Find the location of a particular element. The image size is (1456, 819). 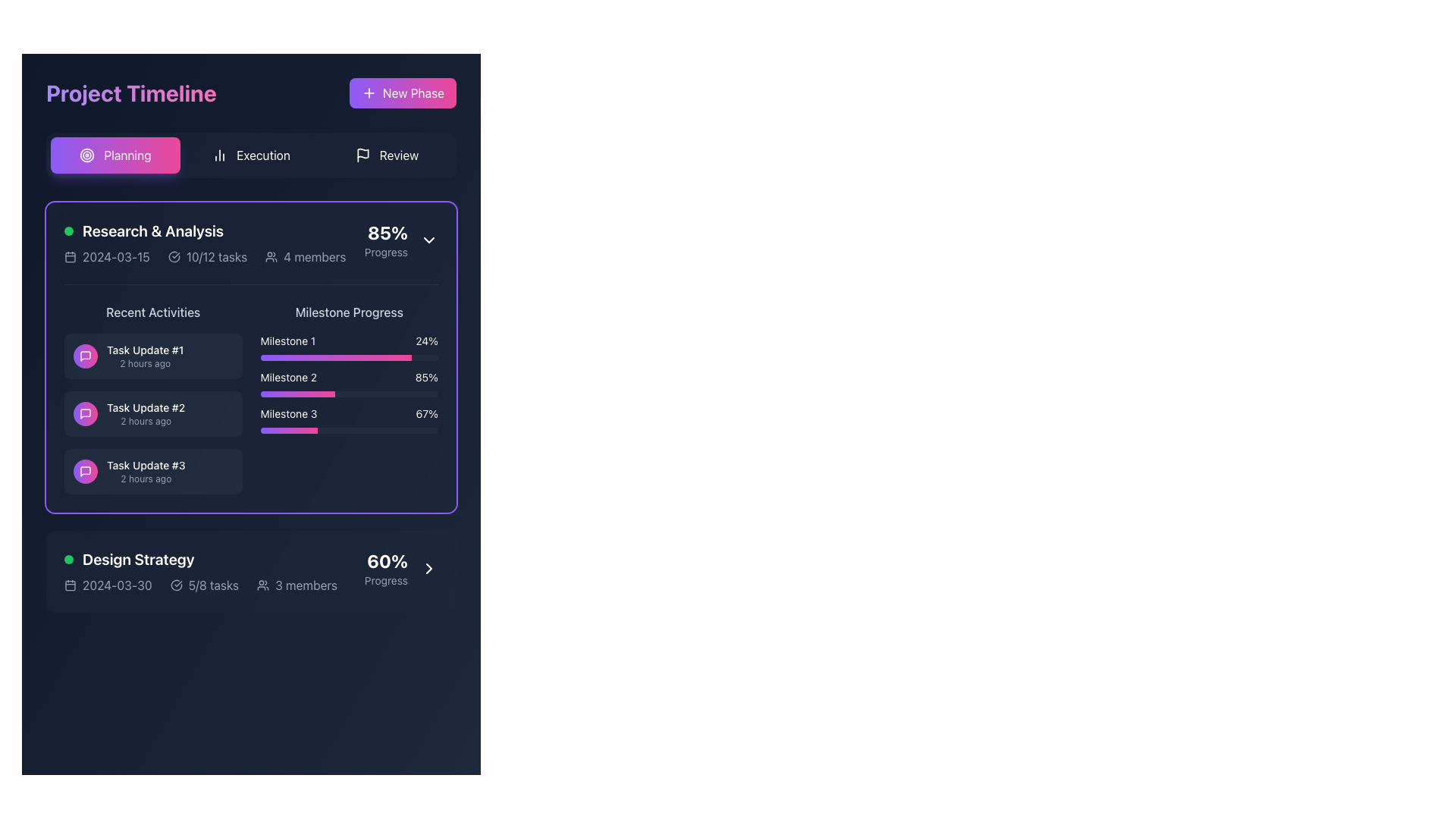

the small rectangular graphic element embedded in the calendar icon located to the left of '2024-03-30' in the 'Design Strategy' section is located at coordinates (69, 584).